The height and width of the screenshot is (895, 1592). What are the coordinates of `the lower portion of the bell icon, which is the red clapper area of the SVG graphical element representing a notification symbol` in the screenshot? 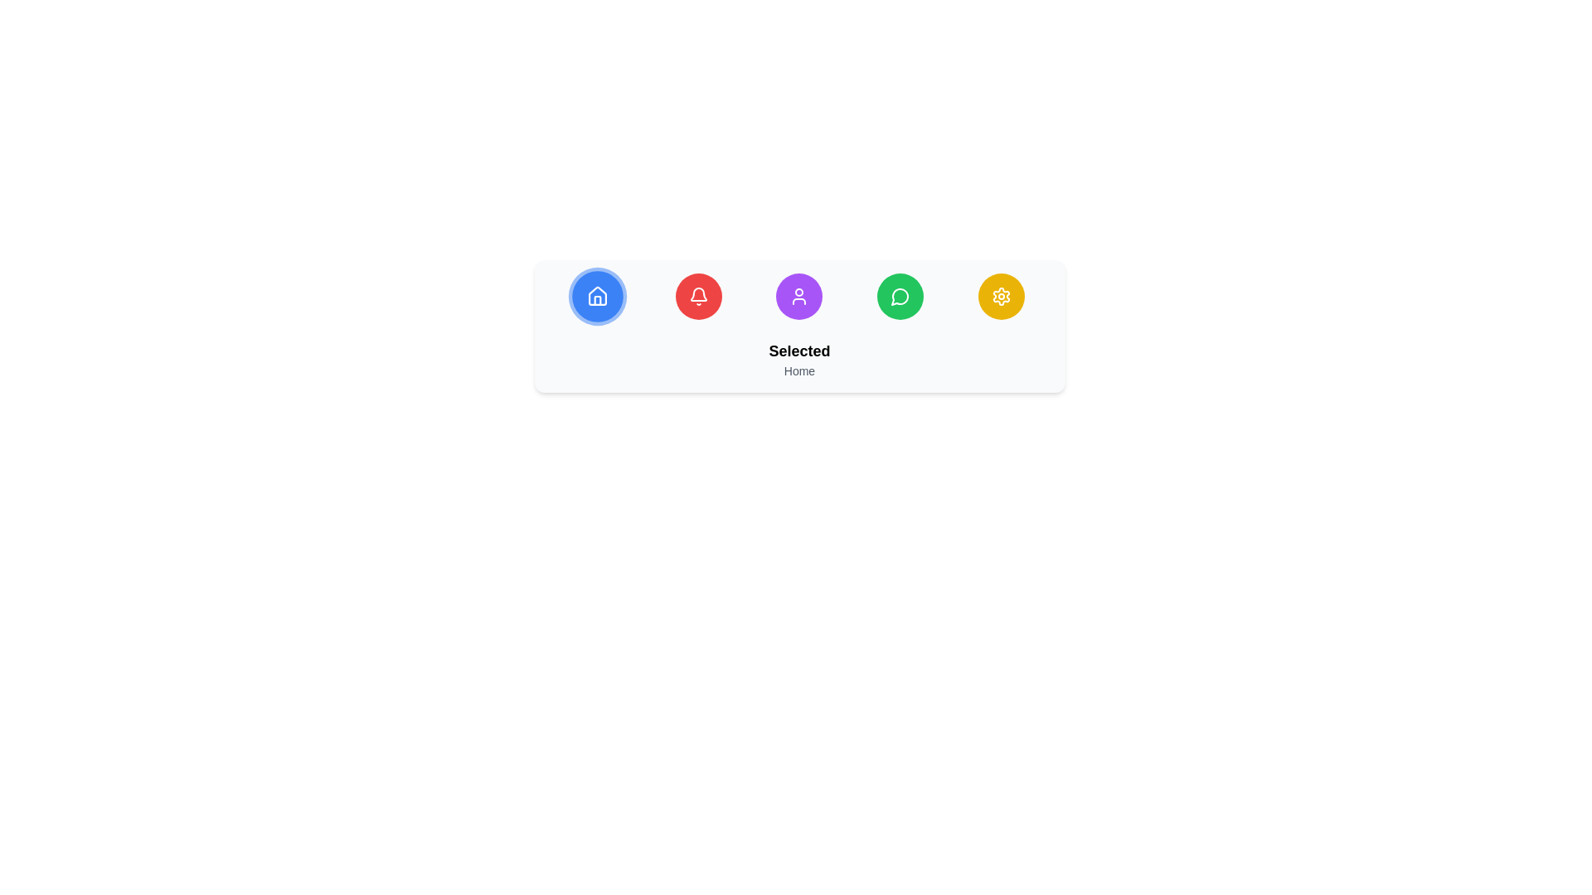 It's located at (698, 293).